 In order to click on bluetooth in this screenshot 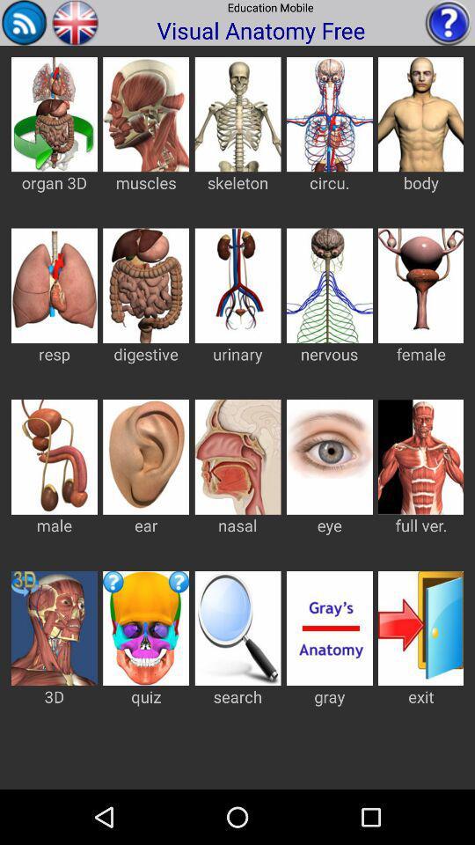, I will do `click(24, 21)`.